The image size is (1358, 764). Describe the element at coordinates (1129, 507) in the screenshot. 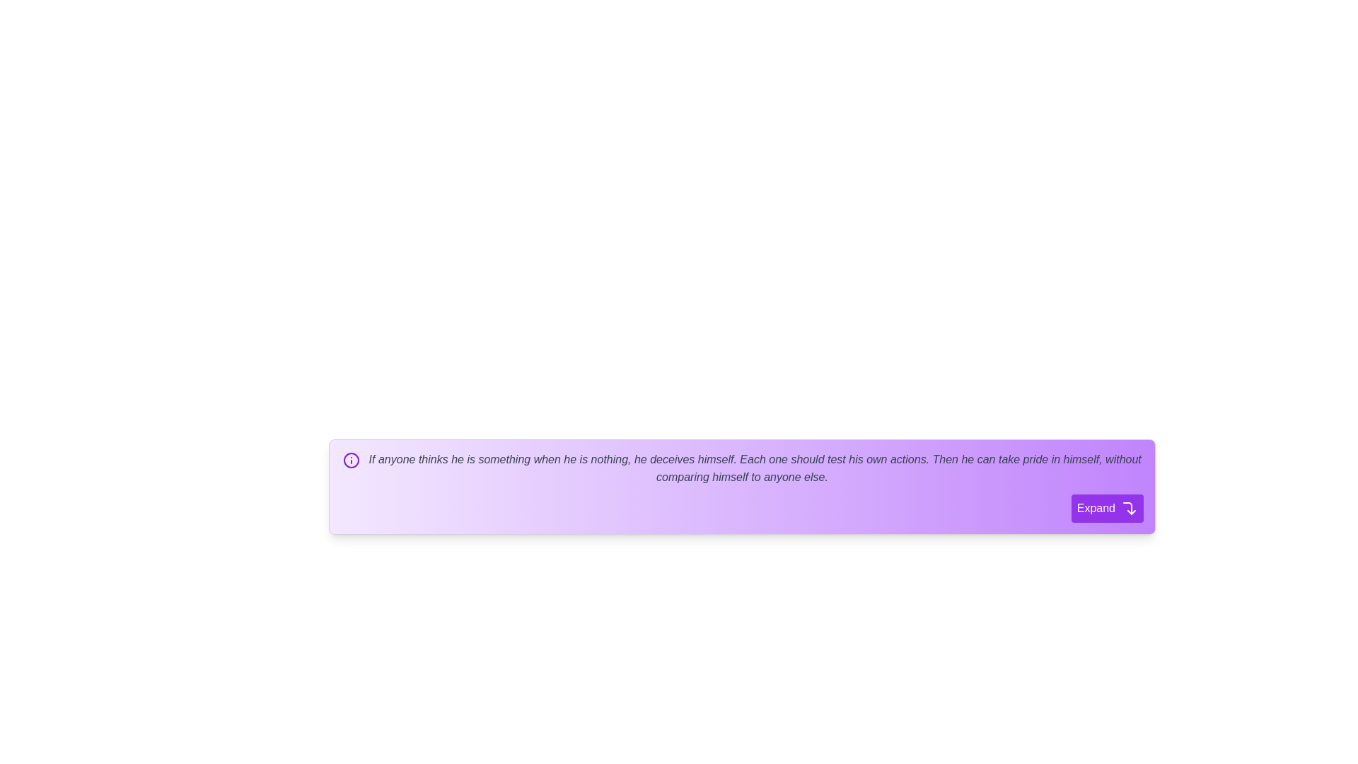

I see `the icon located immediately to the right of the text 'Expand' within the purple button at the bottom-right corner of the interface` at that location.